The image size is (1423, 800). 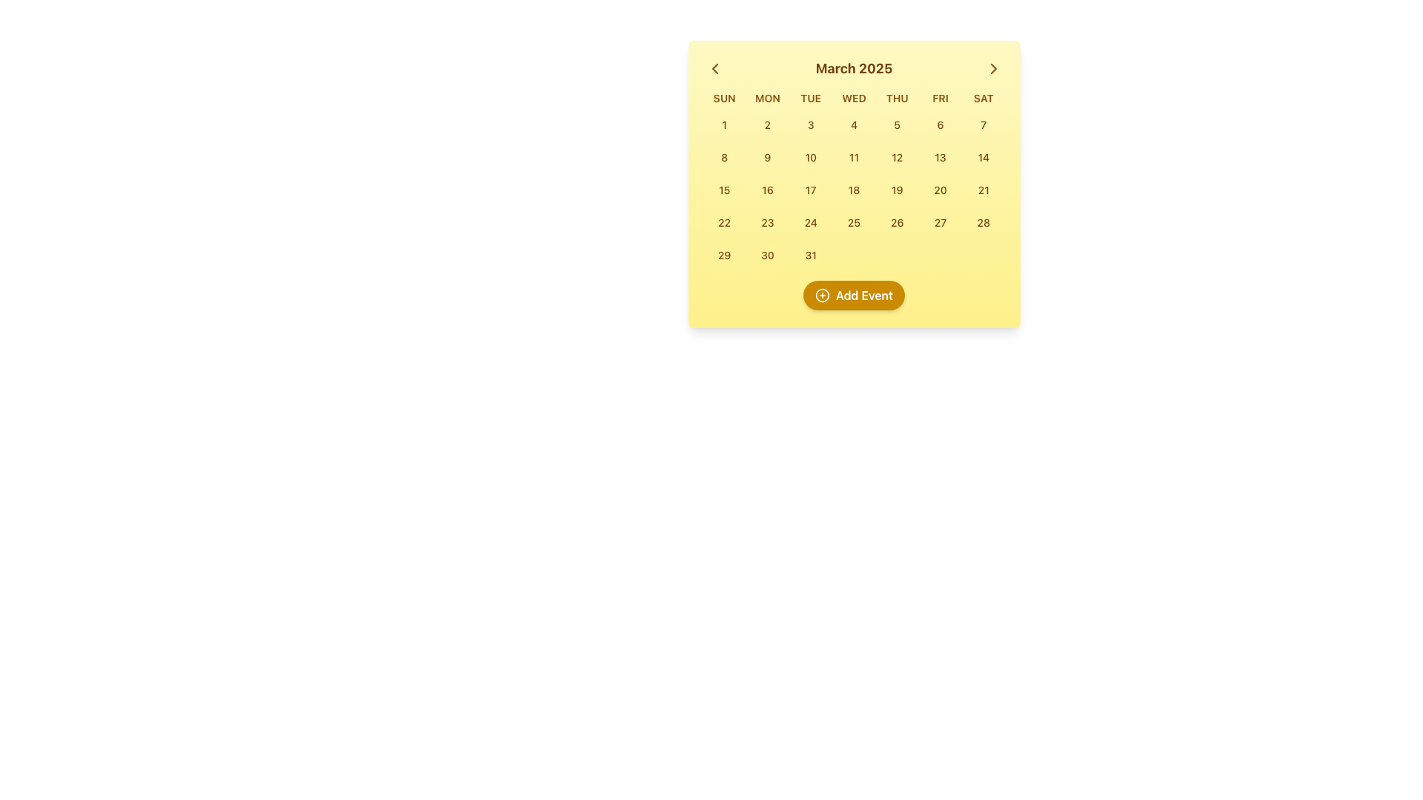 I want to click on the text element representing the 14th day in the March 2025 calendar, so click(x=984, y=157).